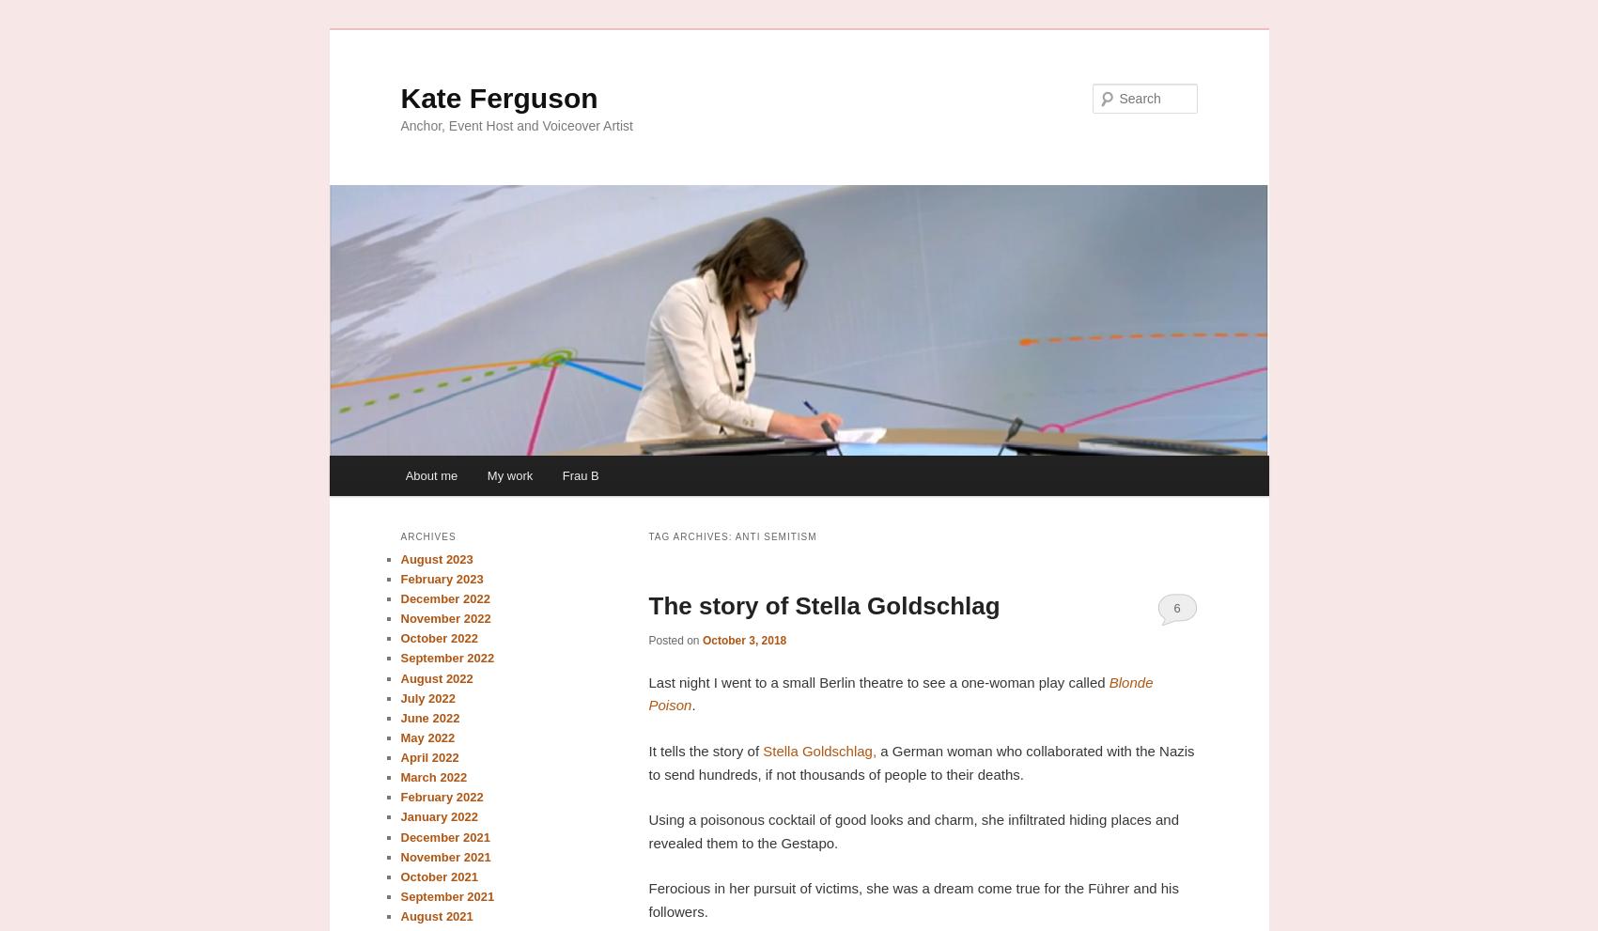  What do you see at coordinates (646, 692) in the screenshot?
I see `'Blonde Poison'` at bounding box center [646, 692].